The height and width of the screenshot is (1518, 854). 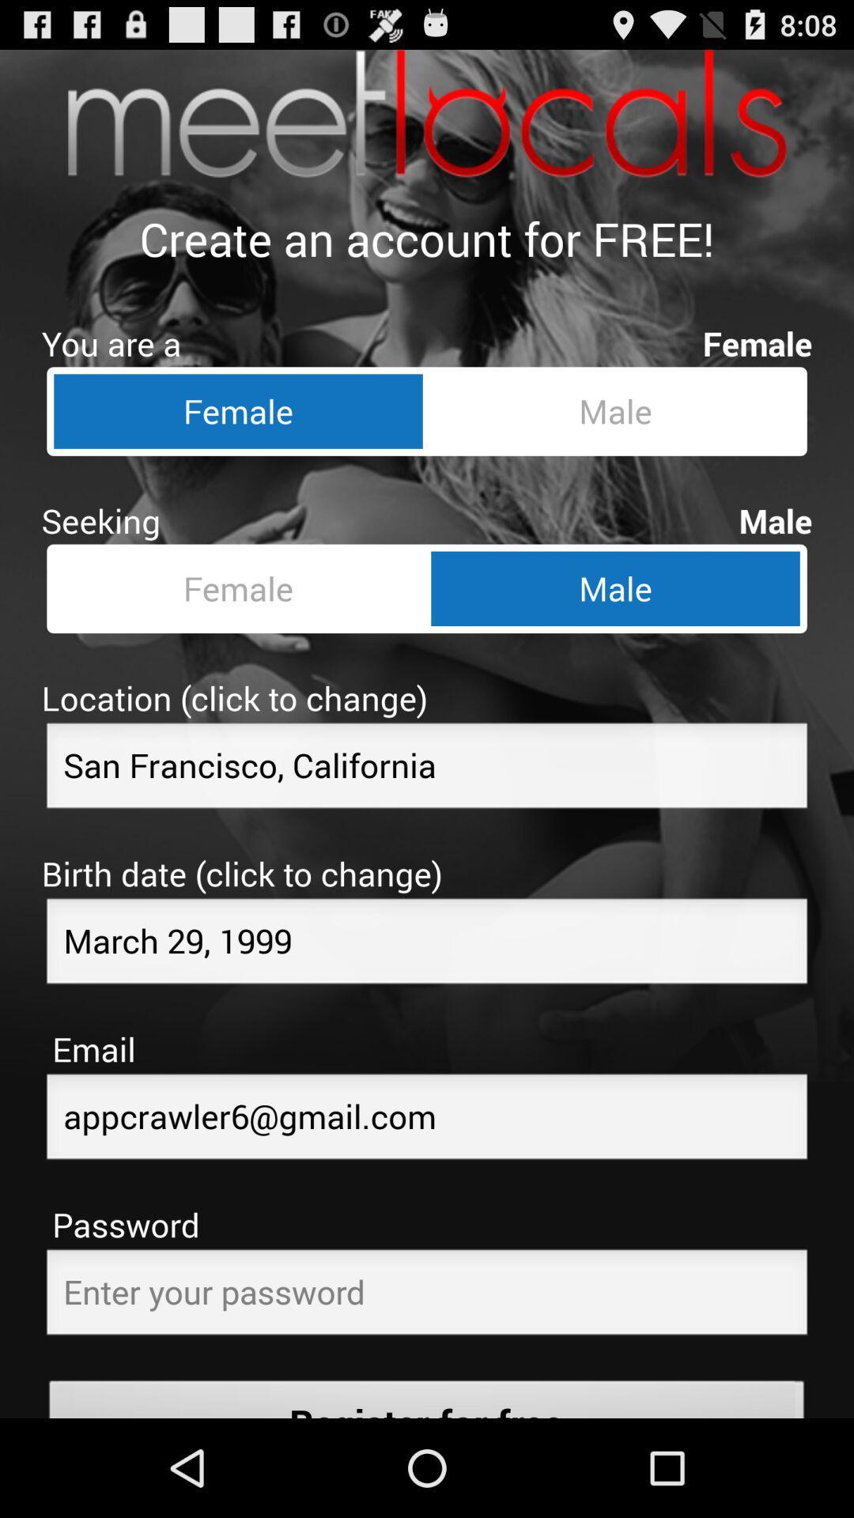 I want to click on change the birth date, so click(x=427, y=946).